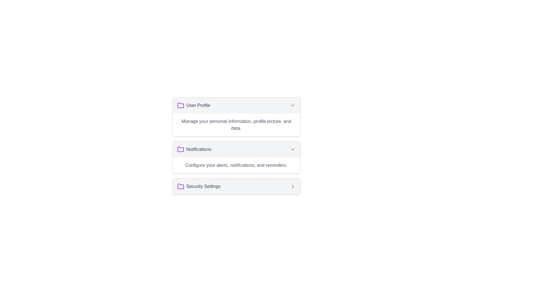 Image resolution: width=549 pixels, height=308 pixels. What do you see at coordinates (236, 157) in the screenshot?
I see `the 'Notifications' panel, which has the title 'Notifications' and the description 'Configure your alerts, notifications, and reminders.'` at bounding box center [236, 157].